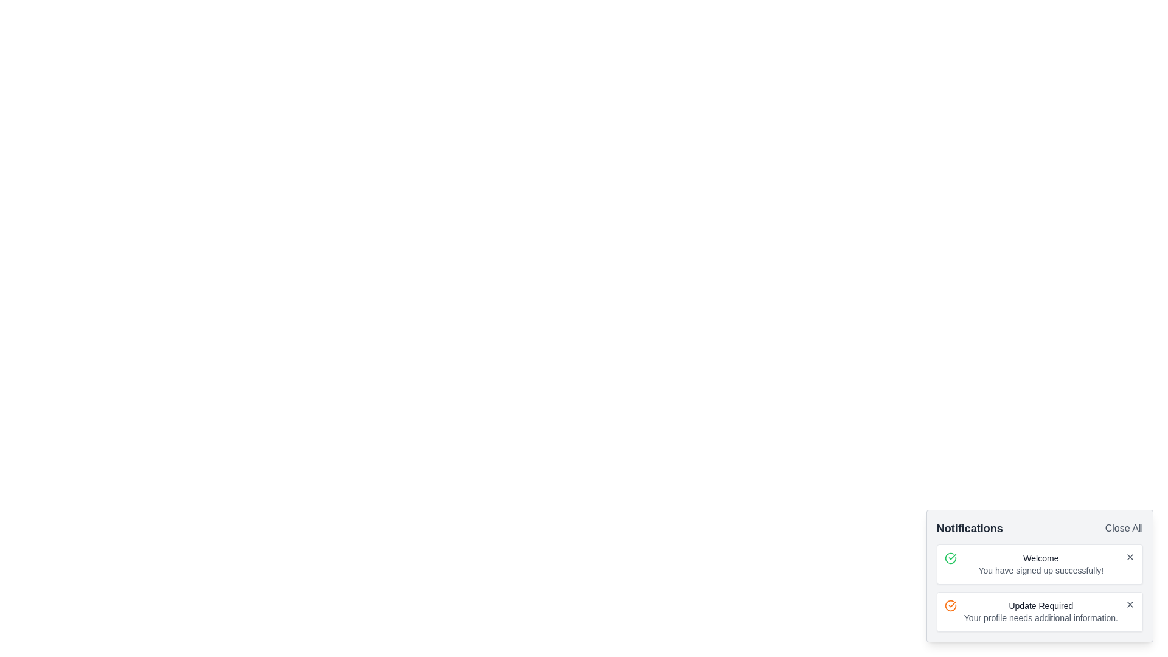 The width and height of the screenshot is (1168, 657). What do you see at coordinates (950, 558) in the screenshot?
I see `the success icon located at the top left of the notification card that contains the text 'Welcome' and 'You have signed up successfully!'` at bounding box center [950, 558].